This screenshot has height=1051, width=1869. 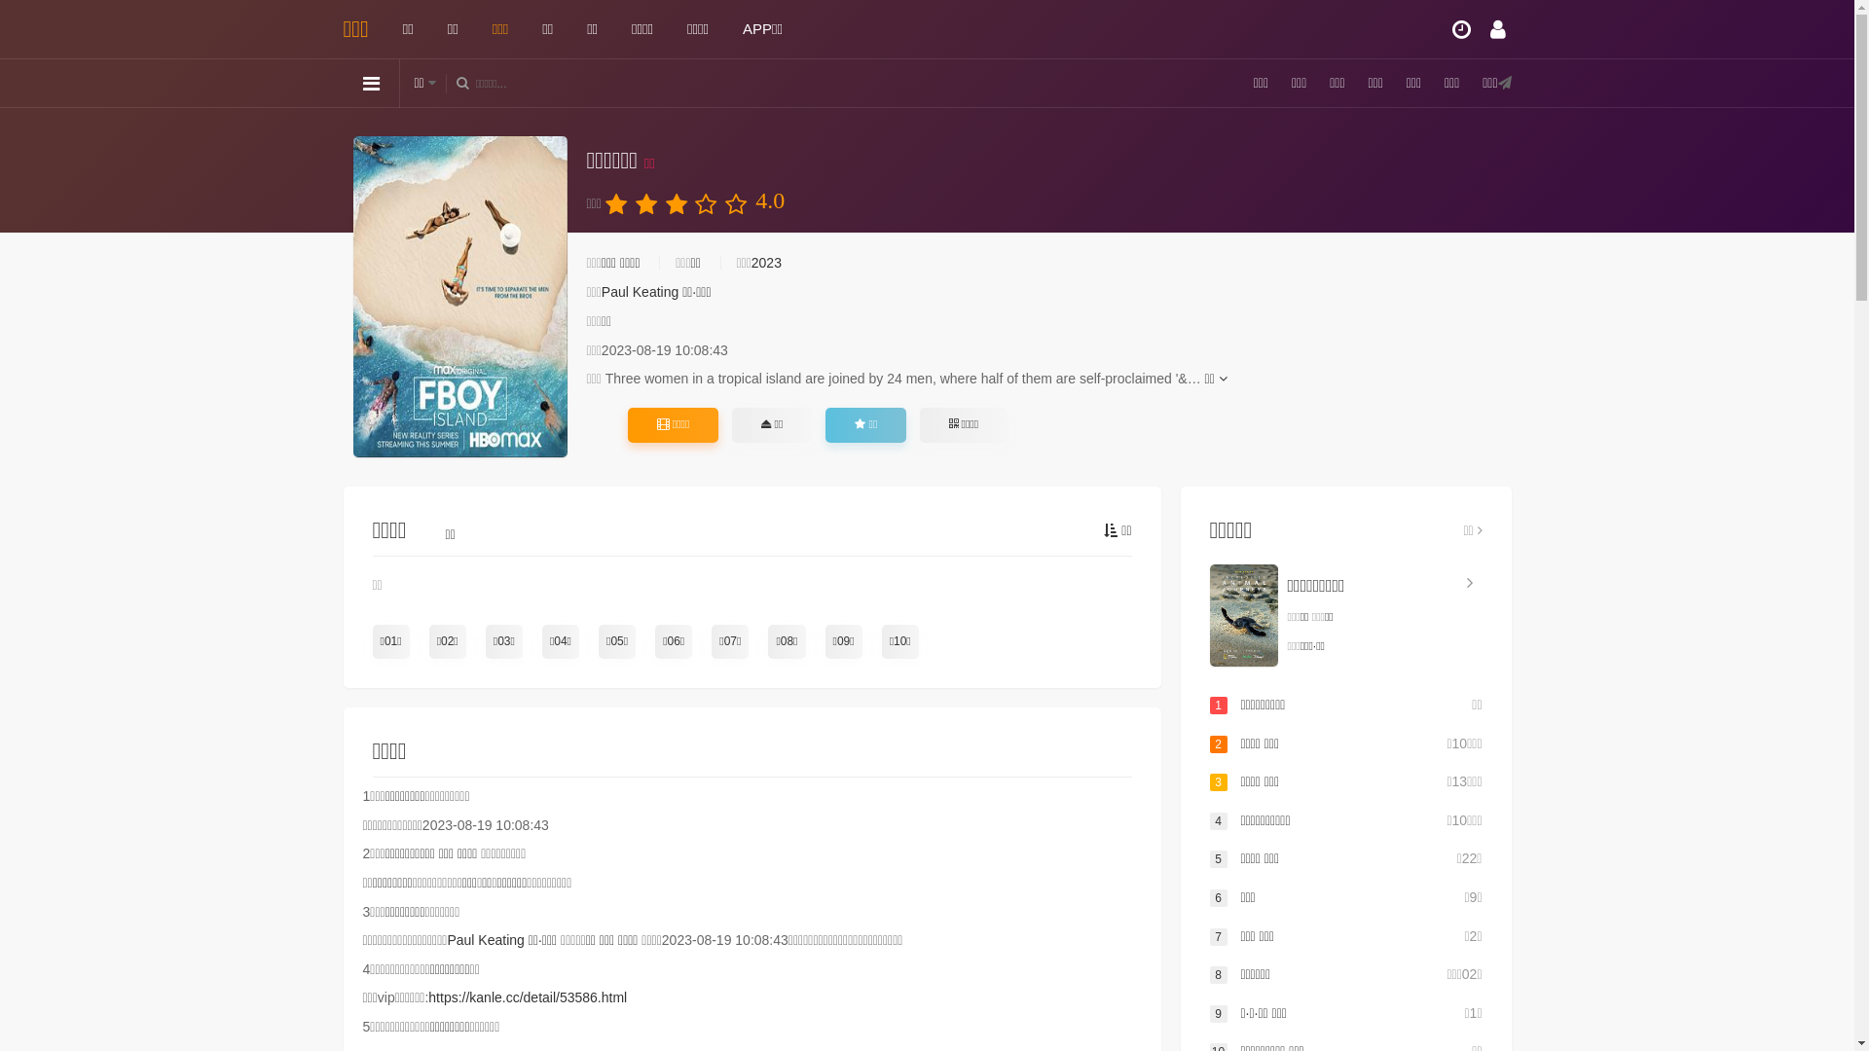 What do you see at coordinates (614, 292) in the screenshot?
I see `'Paul'` at bounding box center [614, 292].